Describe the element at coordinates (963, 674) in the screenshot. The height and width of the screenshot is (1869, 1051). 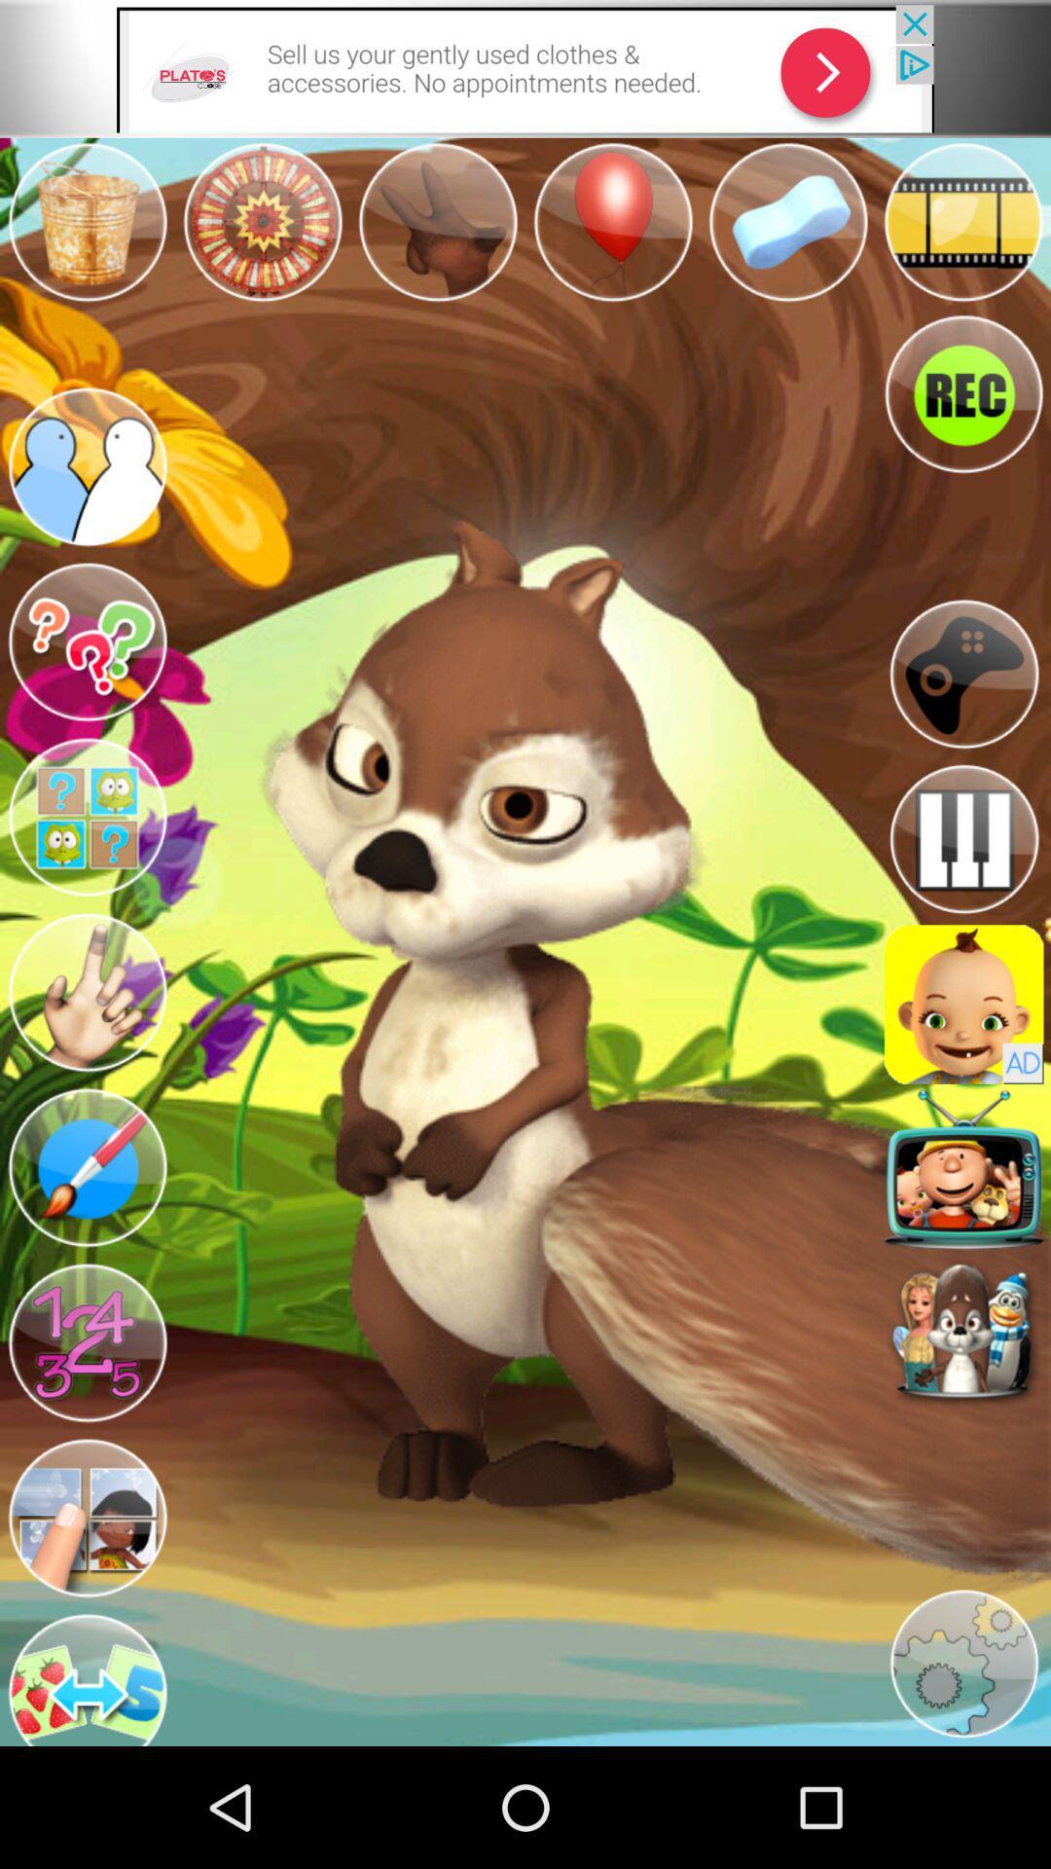
I see `open the game options` at that location.